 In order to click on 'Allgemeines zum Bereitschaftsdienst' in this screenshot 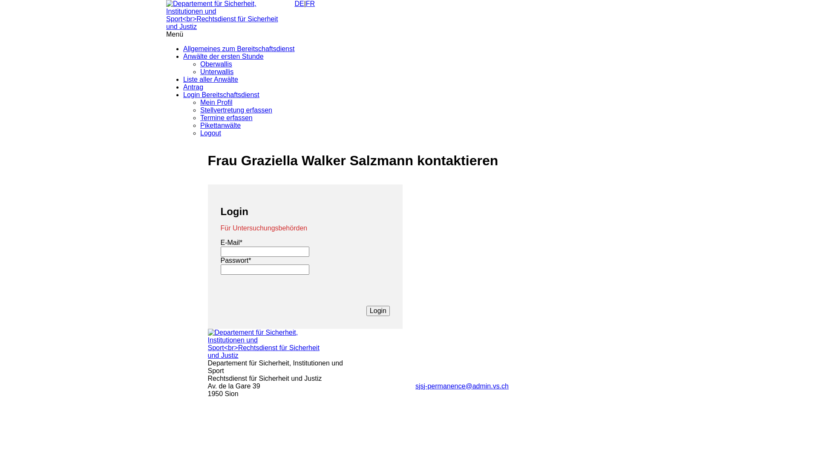, I will do `click(239, 49)`.